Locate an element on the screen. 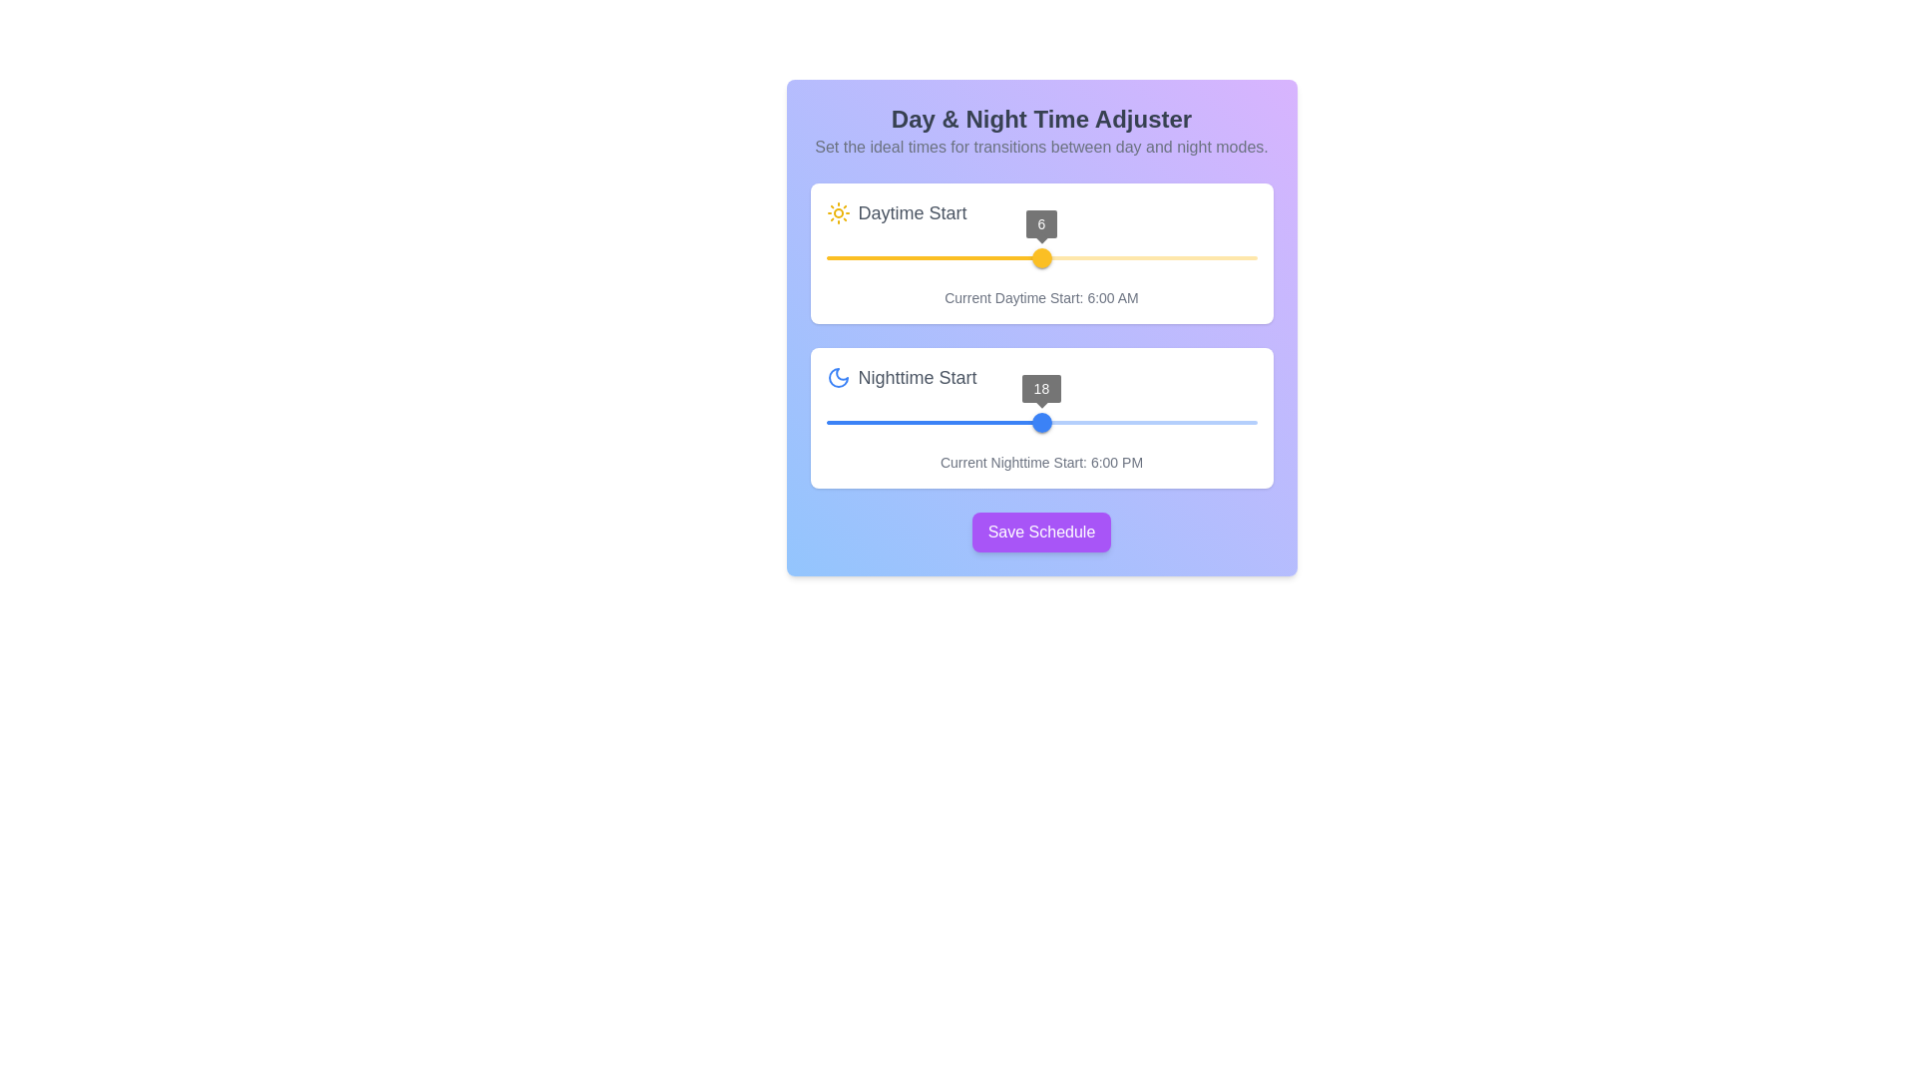 The width and height of the screenshot is (1915, 1077). the text label displaying 'Current Daytime Start: 6:00 AM' located below the 'Daytime Start' slider is located at coordinates (1040, 298).